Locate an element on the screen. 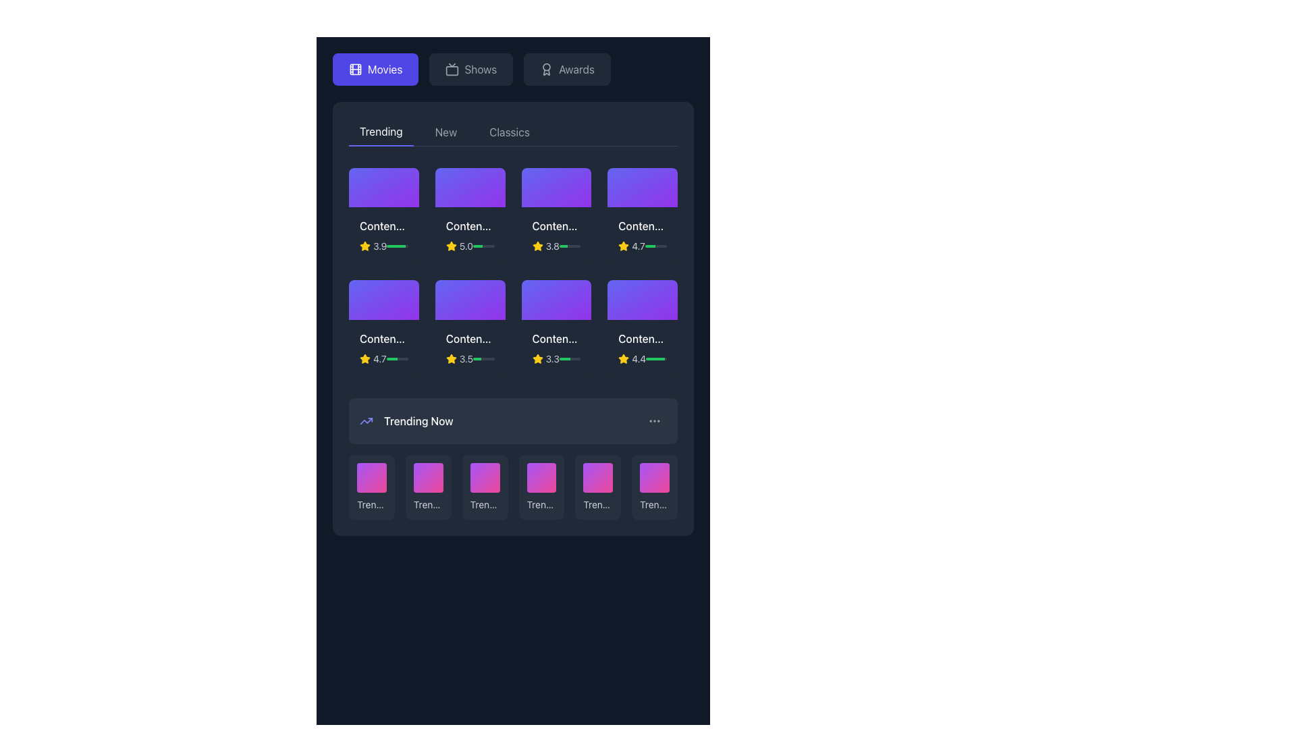 The image size is (1296, 729). the numerical rating '3.8' displayed in a small gray font, which is located in the 'Trending' section under the third content item from the left, immediately to the right of the yellow star icon is located at coordinates (552, 246).